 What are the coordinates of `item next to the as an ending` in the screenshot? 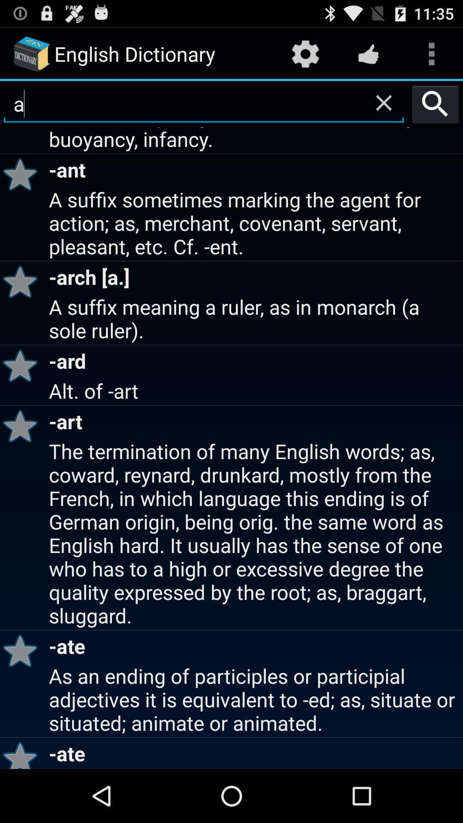 It's located at (23, 753).